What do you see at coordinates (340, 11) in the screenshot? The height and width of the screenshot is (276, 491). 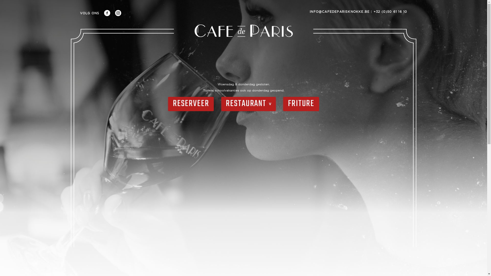 I see `'INFO@CAFEDEPARISKNOKKE.BE'` at bounding box center [340, 11].